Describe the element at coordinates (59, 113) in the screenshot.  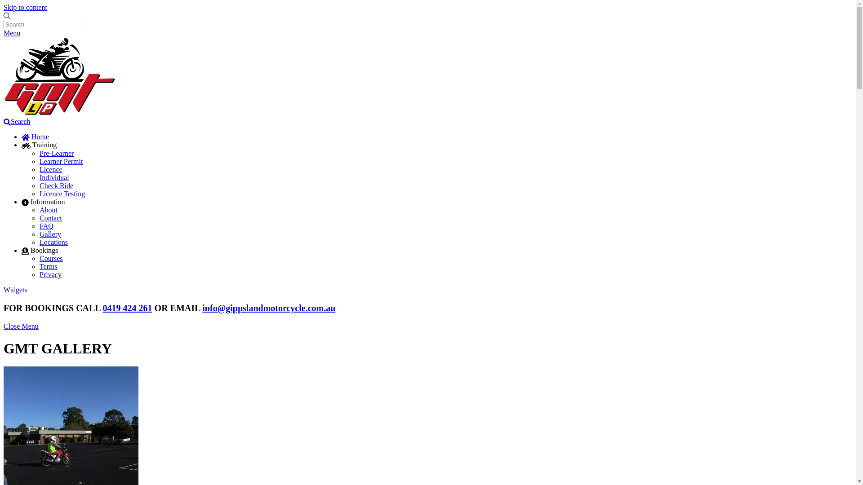
I see `'Gippsland Motorcycle Training'` at that location.